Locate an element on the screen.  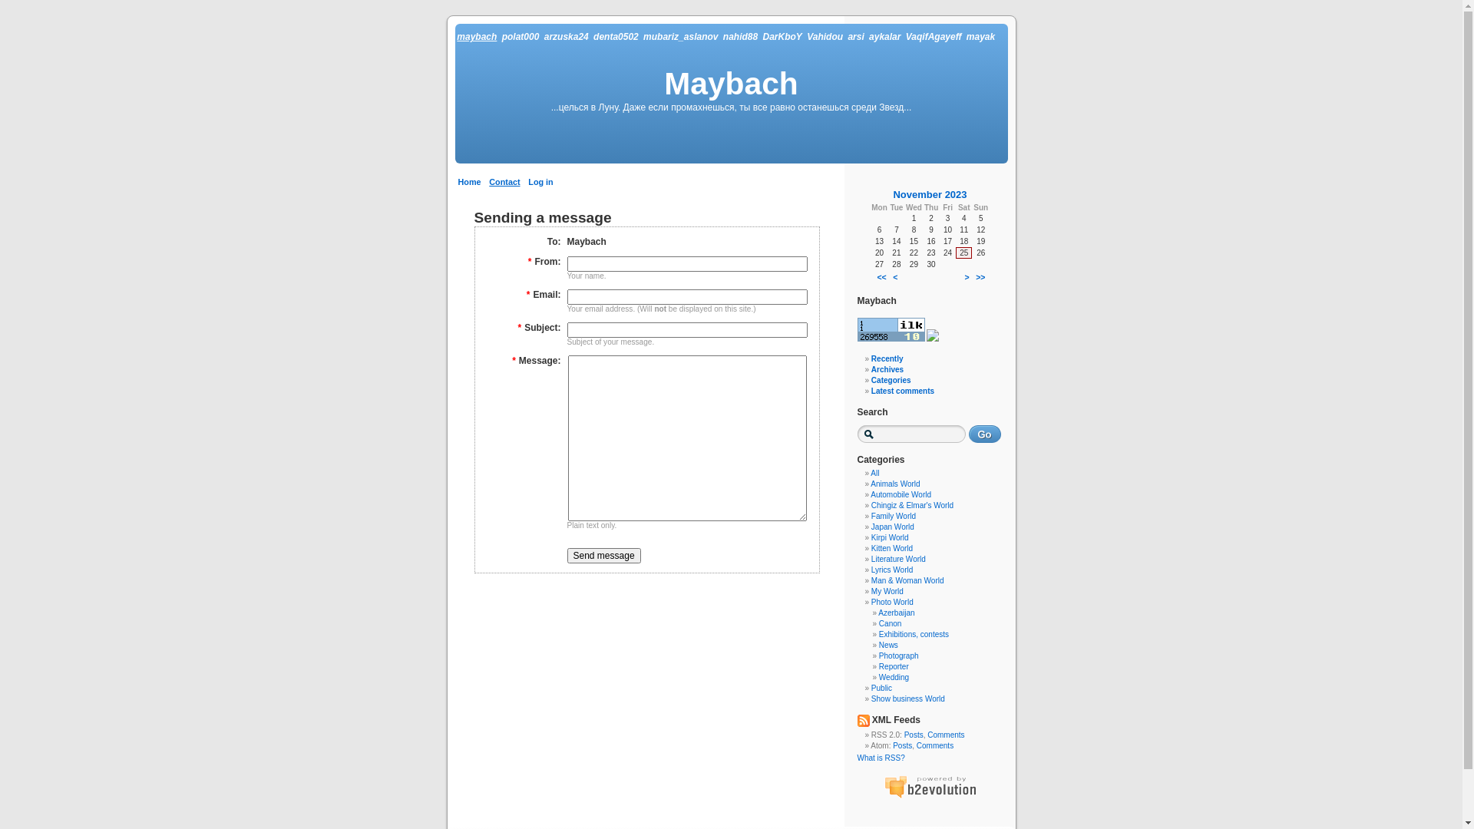
'Wedding' is located at coordinates (894, 676).